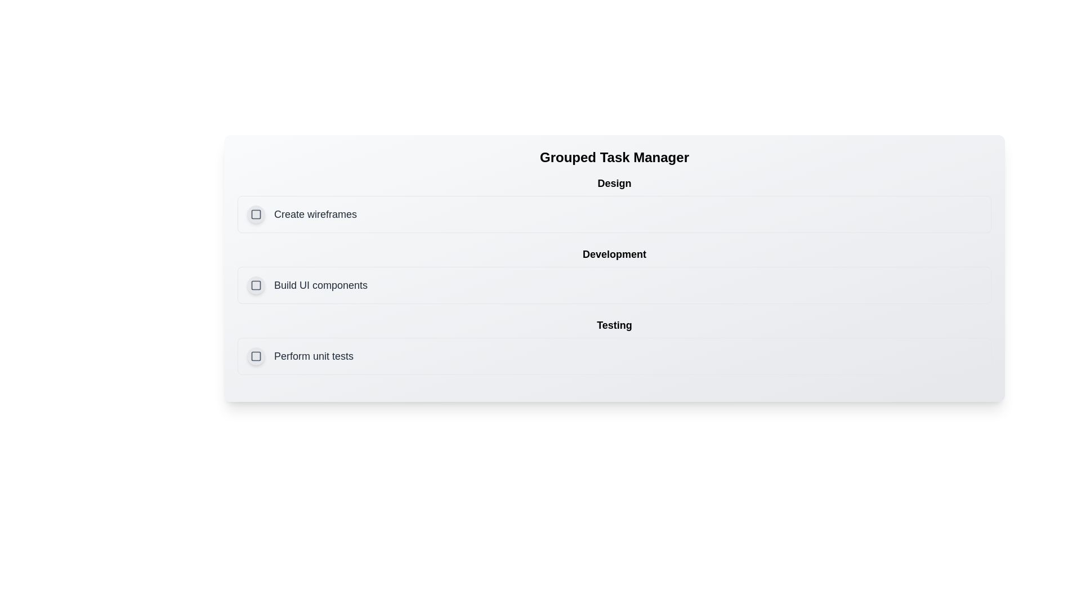 The height and width of the screenshot is (608, 1081). What do you see at coordinates (614, 254) in the screenshot?
I see `the text heading 'Development', which is displayed in bold and larger font, positioned centrally above the subheading 'Build UI components'` at bounding box center [614, 254].